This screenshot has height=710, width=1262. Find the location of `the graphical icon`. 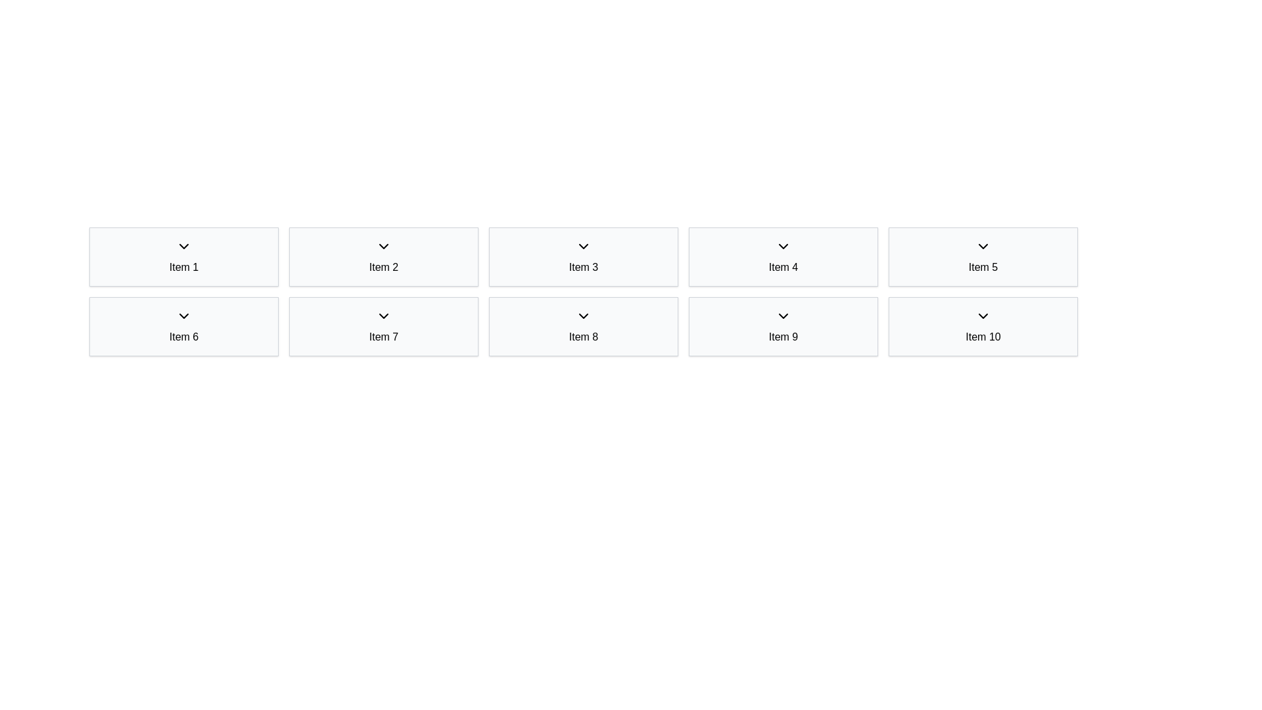

the graphical icon is located at coordinates (783, 316).